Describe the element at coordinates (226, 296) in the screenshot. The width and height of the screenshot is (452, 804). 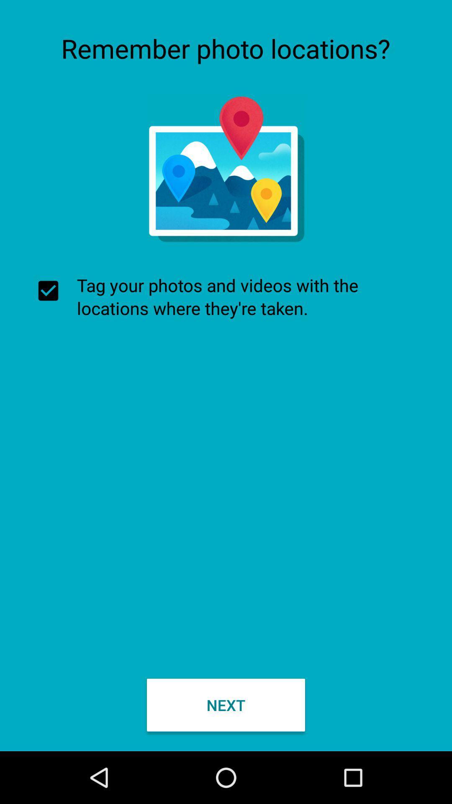
I see `the tag your photos at the center` at that location.